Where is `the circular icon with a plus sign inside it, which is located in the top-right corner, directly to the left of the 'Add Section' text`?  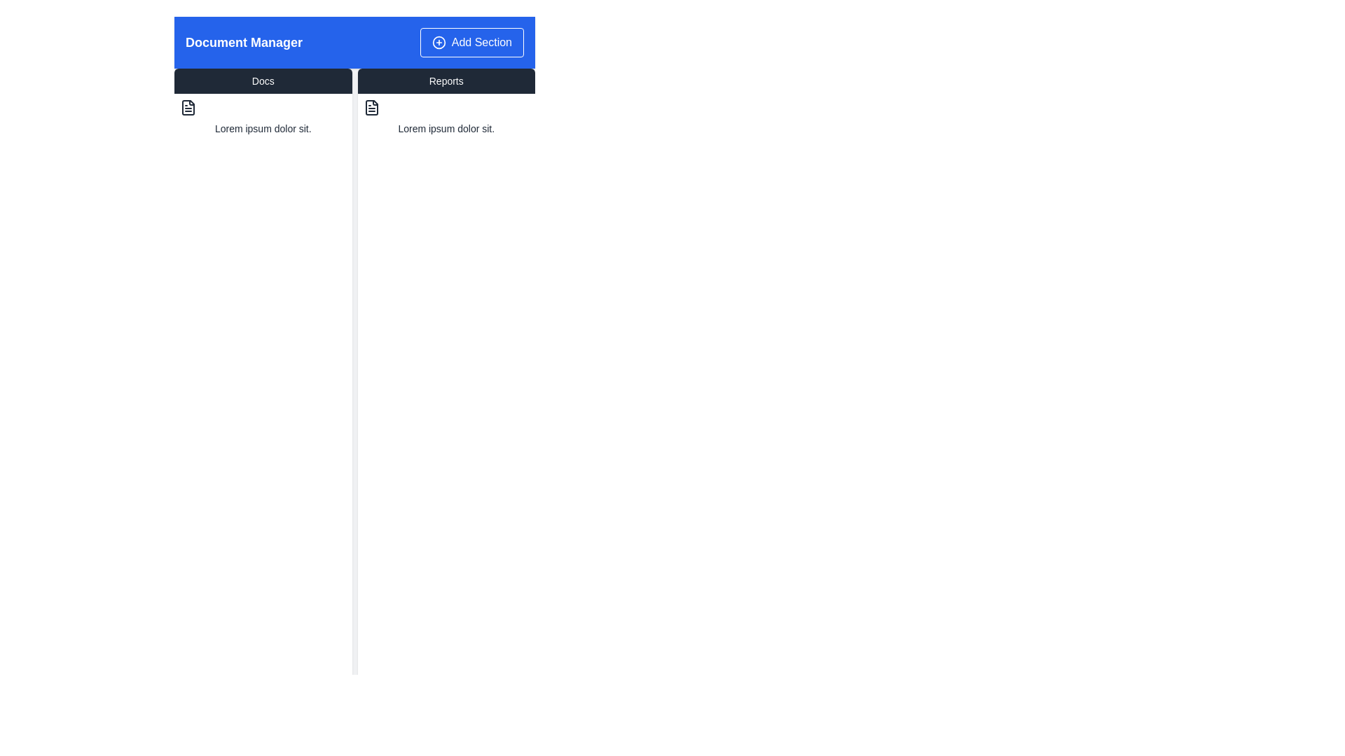
the circular icon with a plus sign inside it, which is located in the top-right corner, directly to the left of the 'Add Section' text is located at coordinates (438, 42).